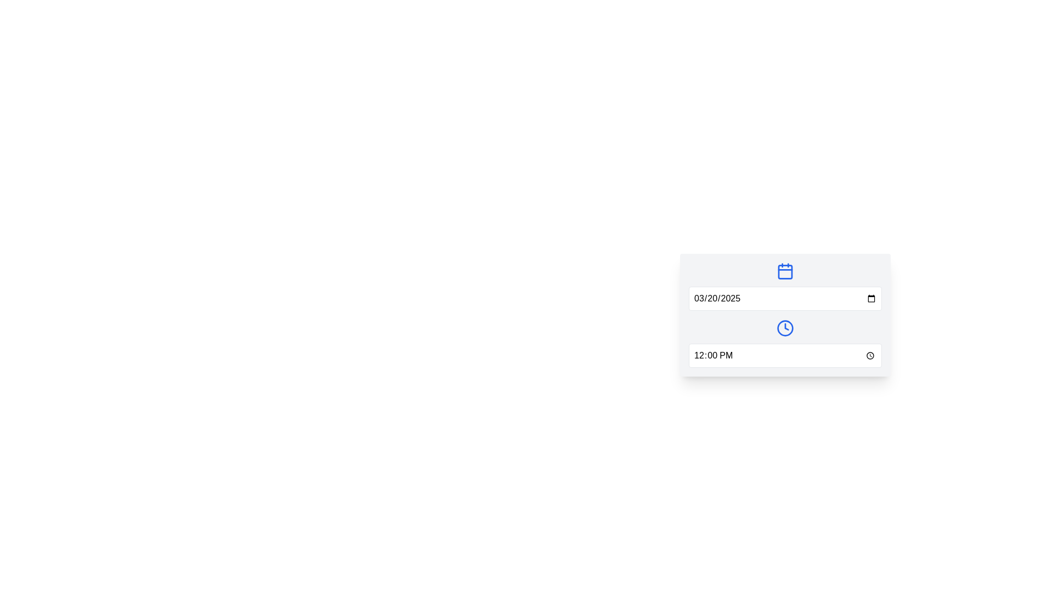 Image resolution: width=1053 pixels, height=592 pixels. What do you see at coordinates (846, 370) in the screenshot?
I see `the composite component containing the date picker and time picker input fields, which features a light gray background and rounded corners` at bounding box center [846, 370].